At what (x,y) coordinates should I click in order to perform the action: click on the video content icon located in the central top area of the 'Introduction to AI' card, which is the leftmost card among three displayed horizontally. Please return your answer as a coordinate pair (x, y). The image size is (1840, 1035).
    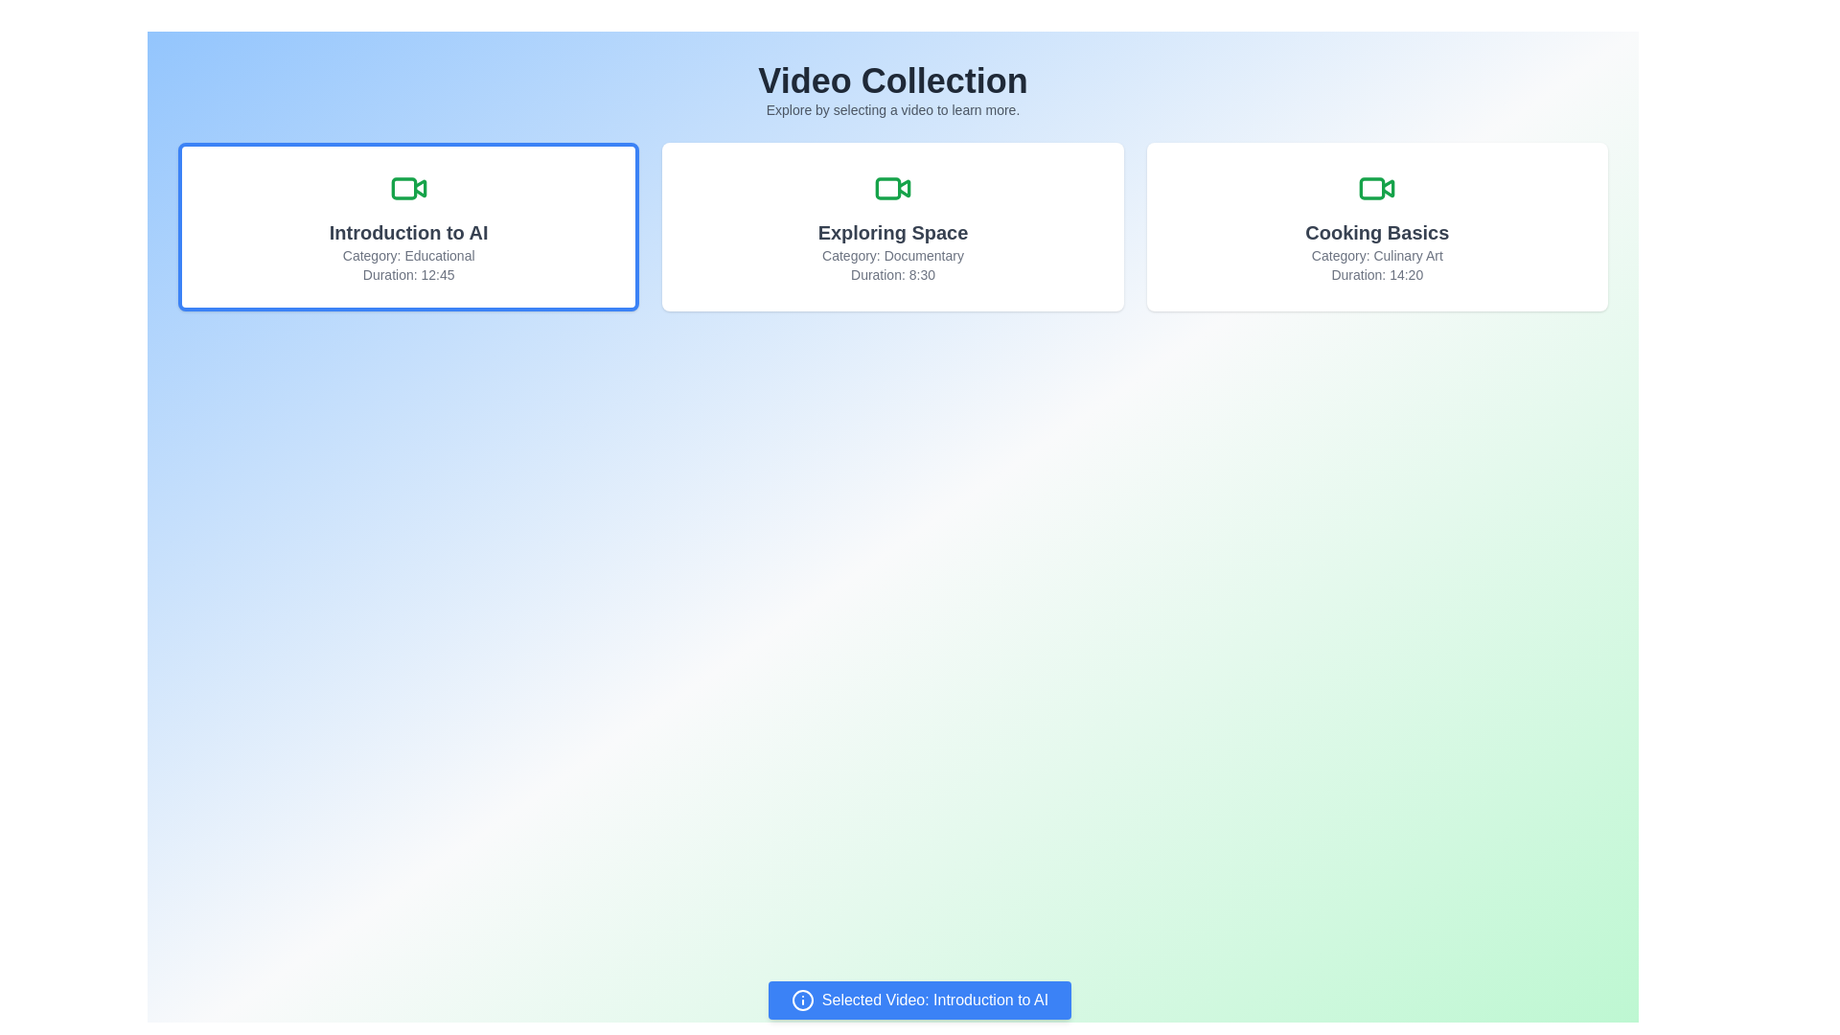
    Looking at the image, I should click on (407, 188).